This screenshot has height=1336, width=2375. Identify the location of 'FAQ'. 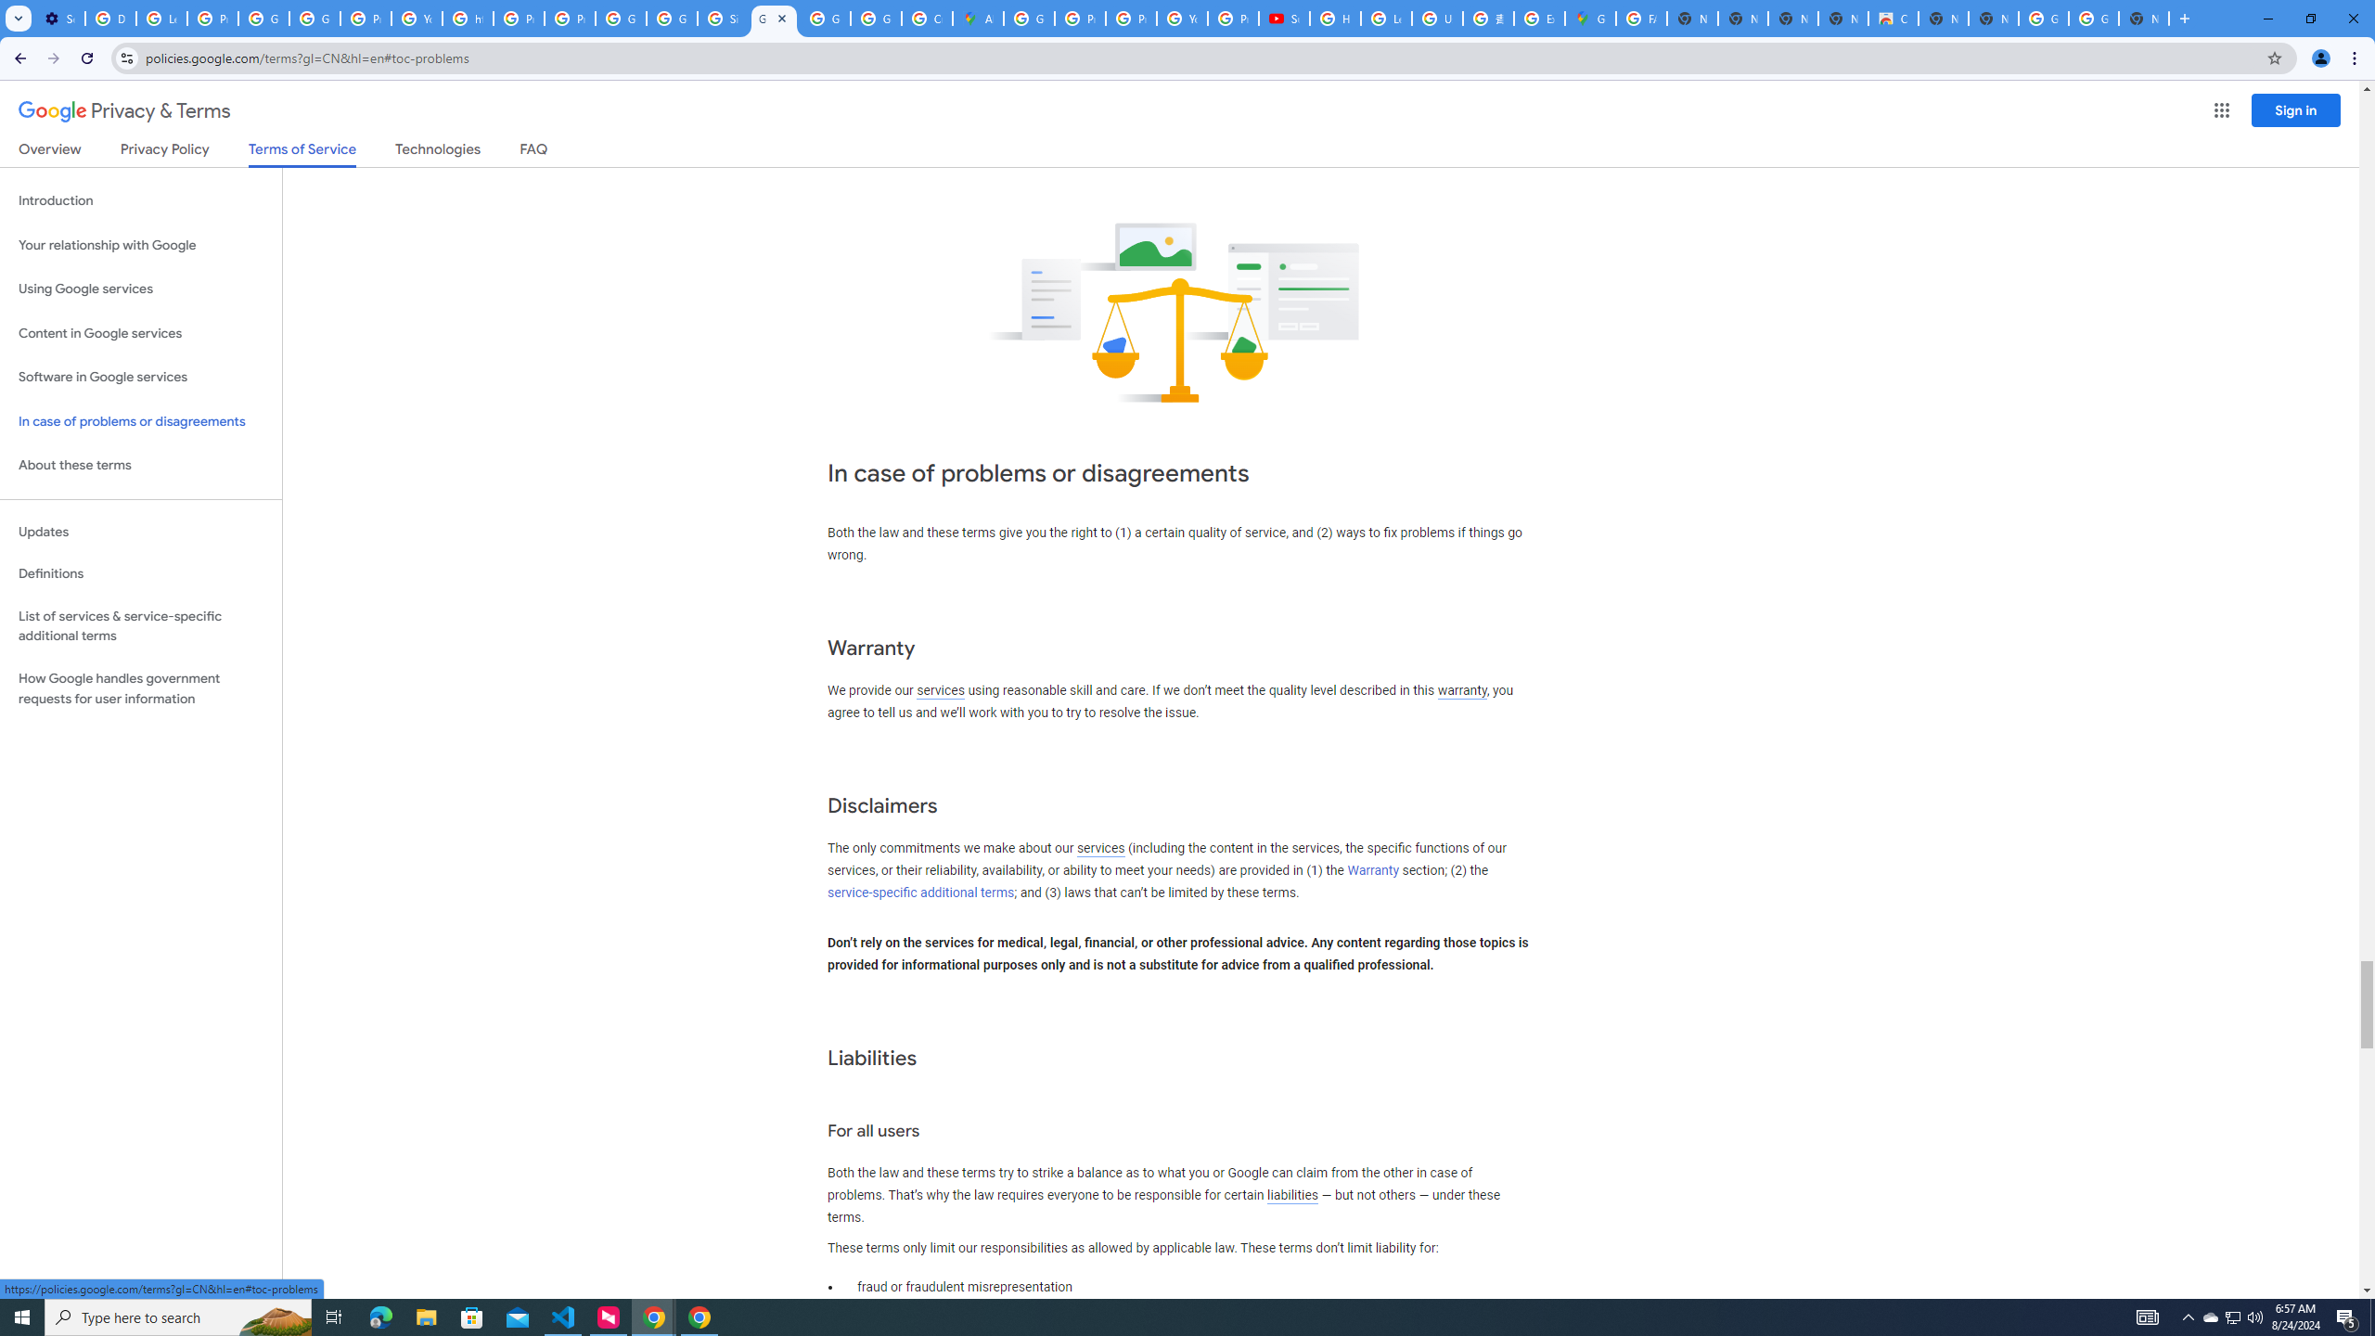
(533, 152).